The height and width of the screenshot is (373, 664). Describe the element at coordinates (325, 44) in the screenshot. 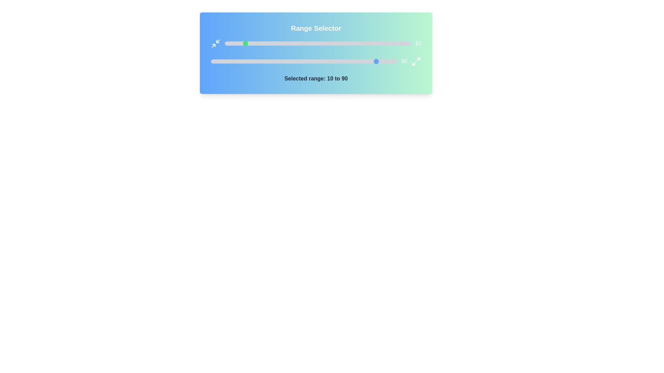

I see `the slider value` at that location.